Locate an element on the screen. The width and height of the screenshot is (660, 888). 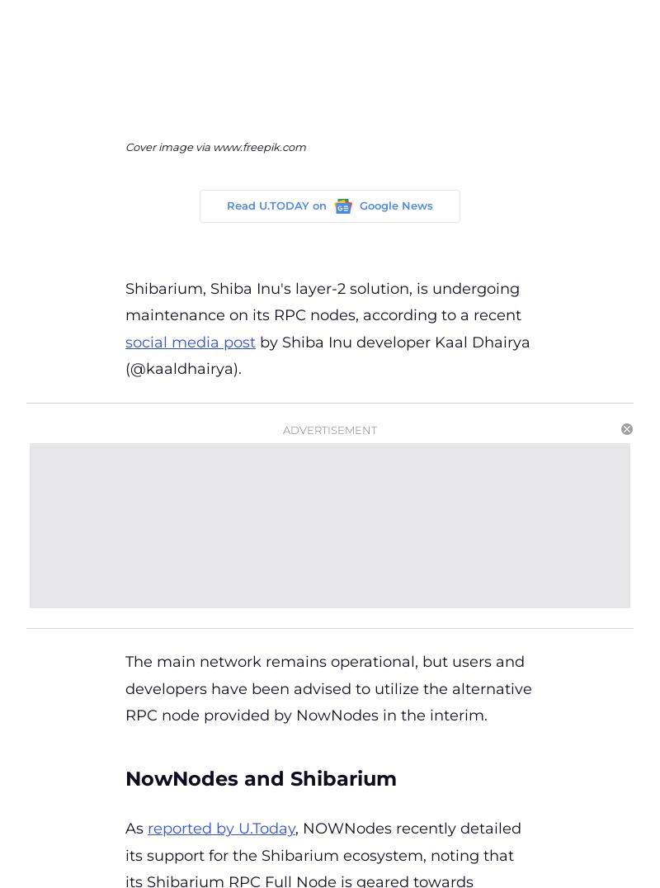
'Cover image via' is located at coordinates (168, 146).